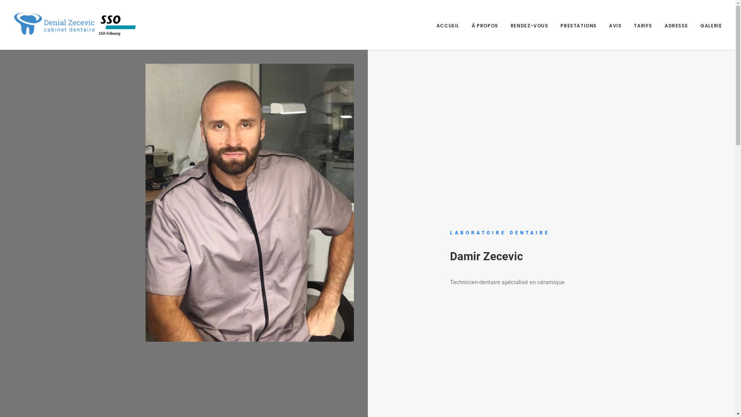  Describe the element at coordinates (529, 24) in the screenshot. I see `'RENDEZ-VOUS'` at that location.